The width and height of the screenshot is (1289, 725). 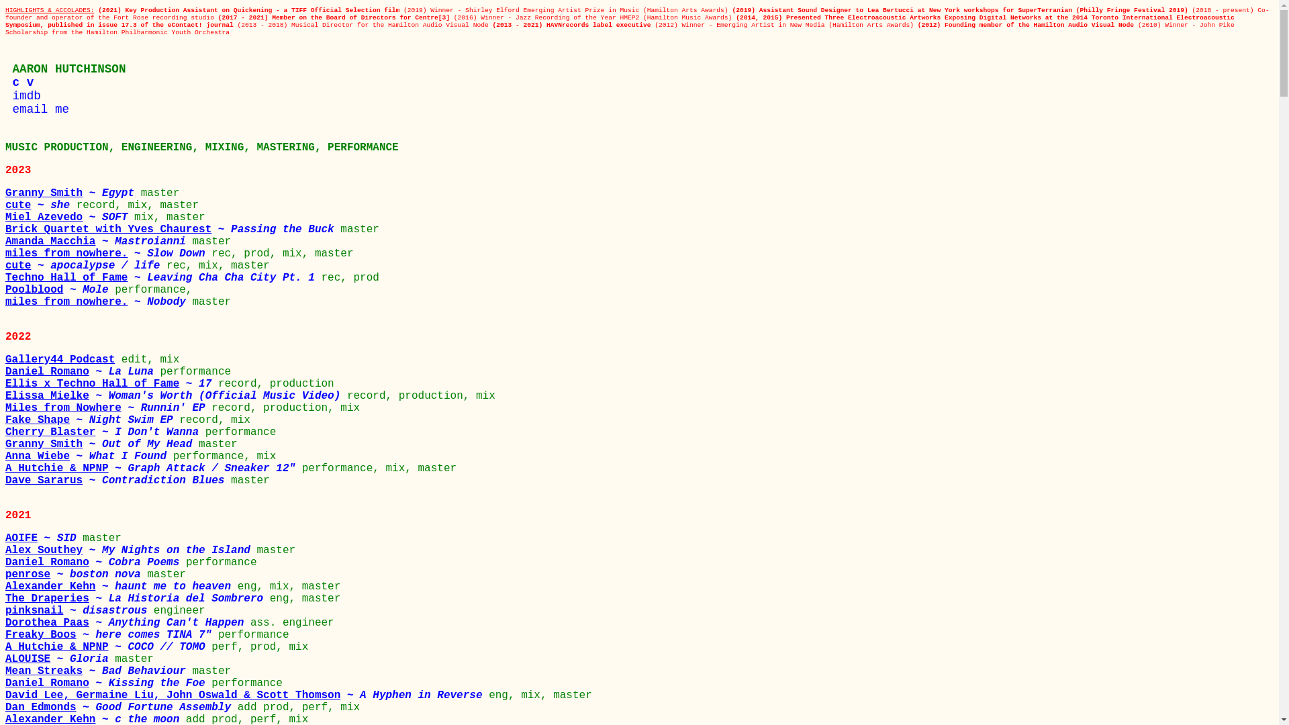 What do you see at coordinates (108, 646) in the screenshot?
I see `'A Hutchie & NPNP ~ COCO // TOMO'` at bounding box center [108, 646].